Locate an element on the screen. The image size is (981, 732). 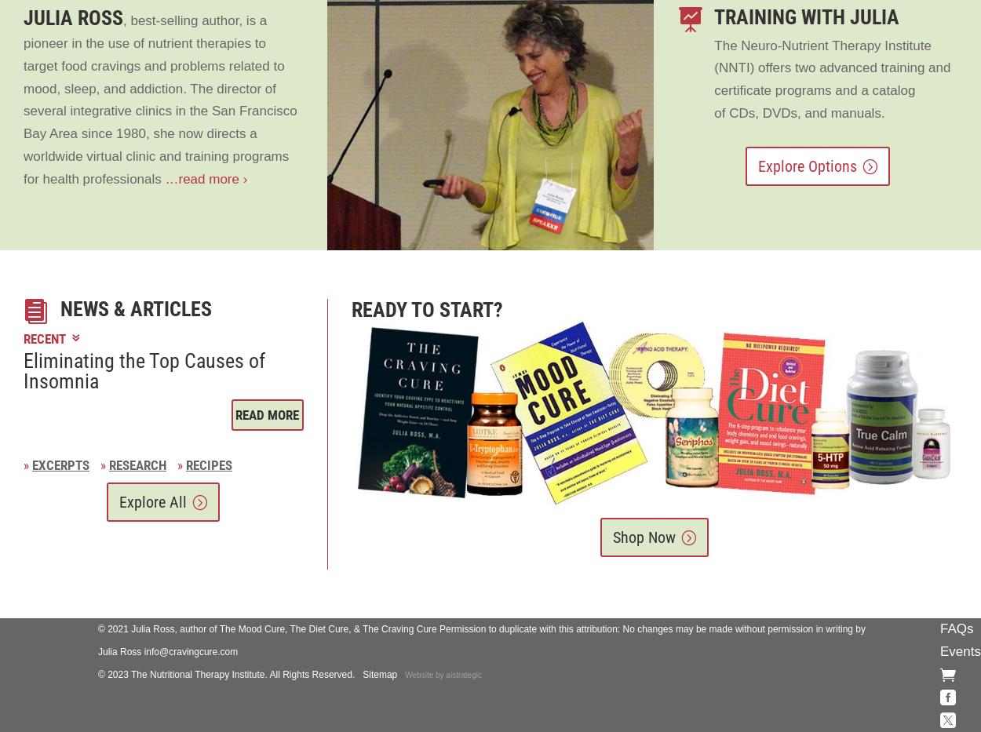
'JULIA ROSS' is located at coordinates (72, 16).